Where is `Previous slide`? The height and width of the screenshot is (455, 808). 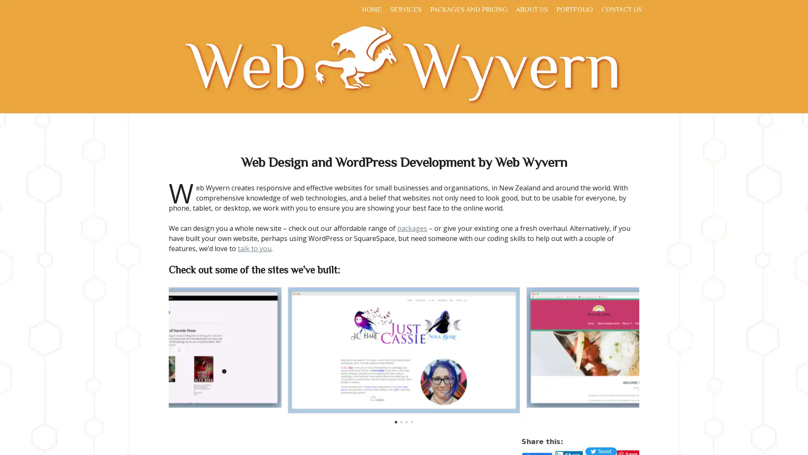 Previous slide is located at coordinates (179, 350).